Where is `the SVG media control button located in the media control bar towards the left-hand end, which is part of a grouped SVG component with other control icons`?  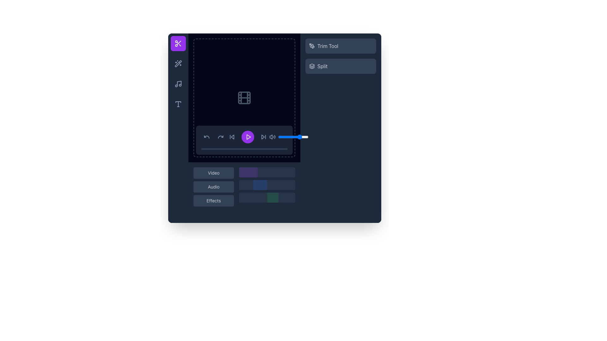 the SVG media control button located in the media control bar towards the left-hand end, which is part of a grouped SVG component with other control icons is located at coordinates (232, 137).